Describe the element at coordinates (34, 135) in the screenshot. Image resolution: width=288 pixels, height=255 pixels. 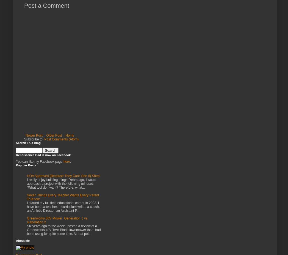
I see `'Newer Post'` at that location.